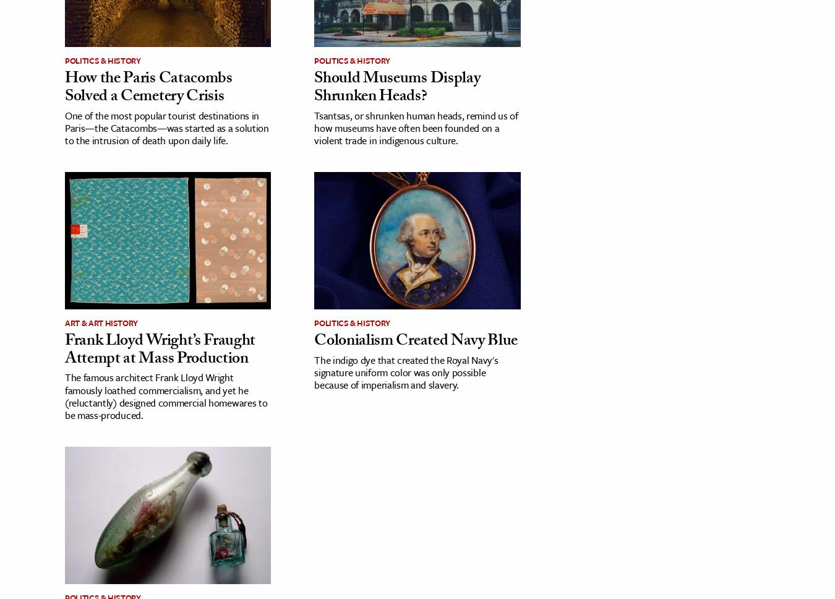 Image resolution: width=835 pixels, height=599 pixels. What do you see at coordinates (406, 372) in the screenshot?
I see `'The indigo dye that created the Royal Navy's signature uniform color was only possible because of imperialism and slavery.'` at bounding box center [406, 372].